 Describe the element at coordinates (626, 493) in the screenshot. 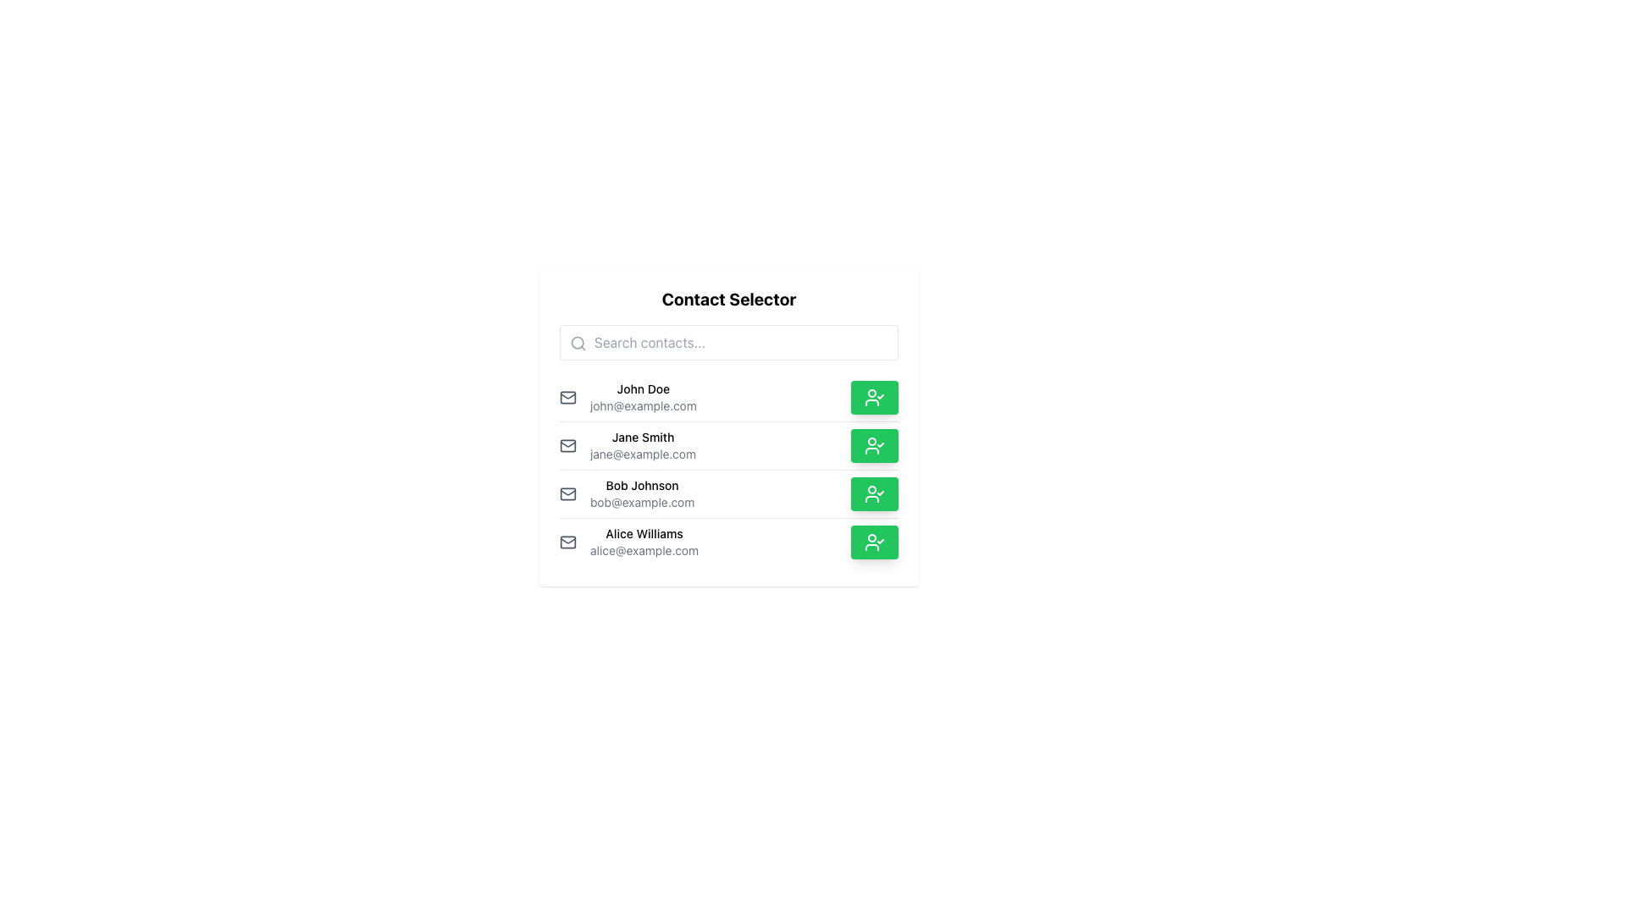

I see `the text element displaying 'Bob Johnson'` at that location.